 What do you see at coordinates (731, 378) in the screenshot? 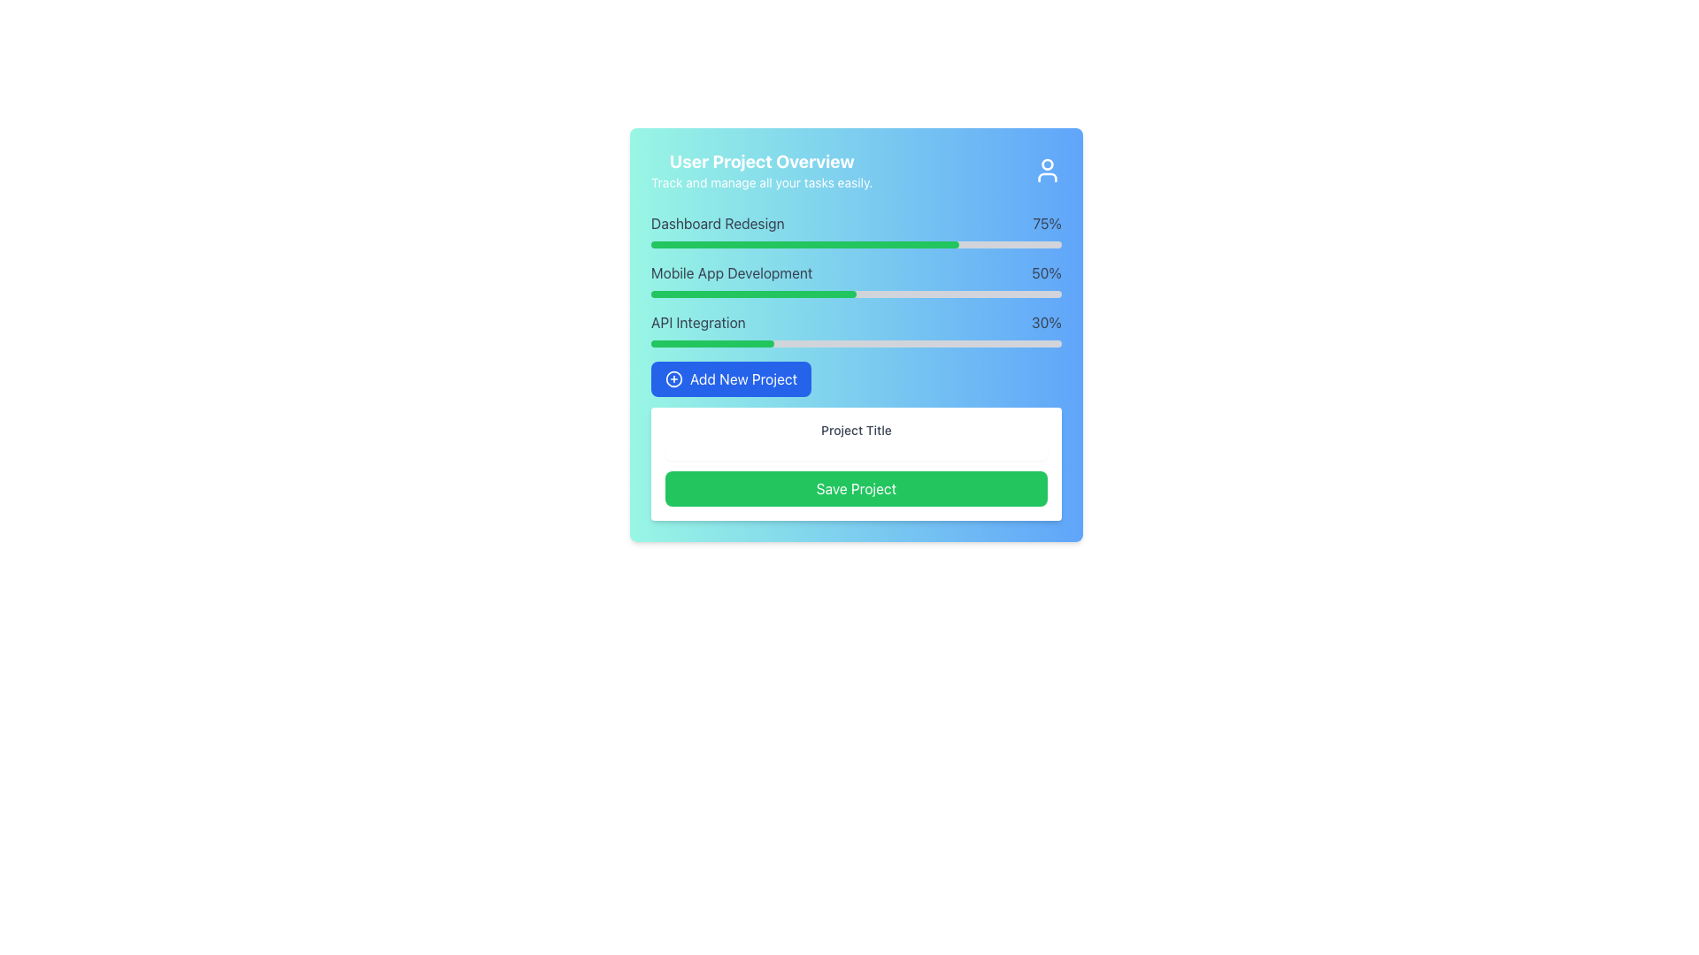
I see `the button positioned below the progress bars for 'Dashboard Redesign' and 'API Integration'` at bounding box center [731, 378].